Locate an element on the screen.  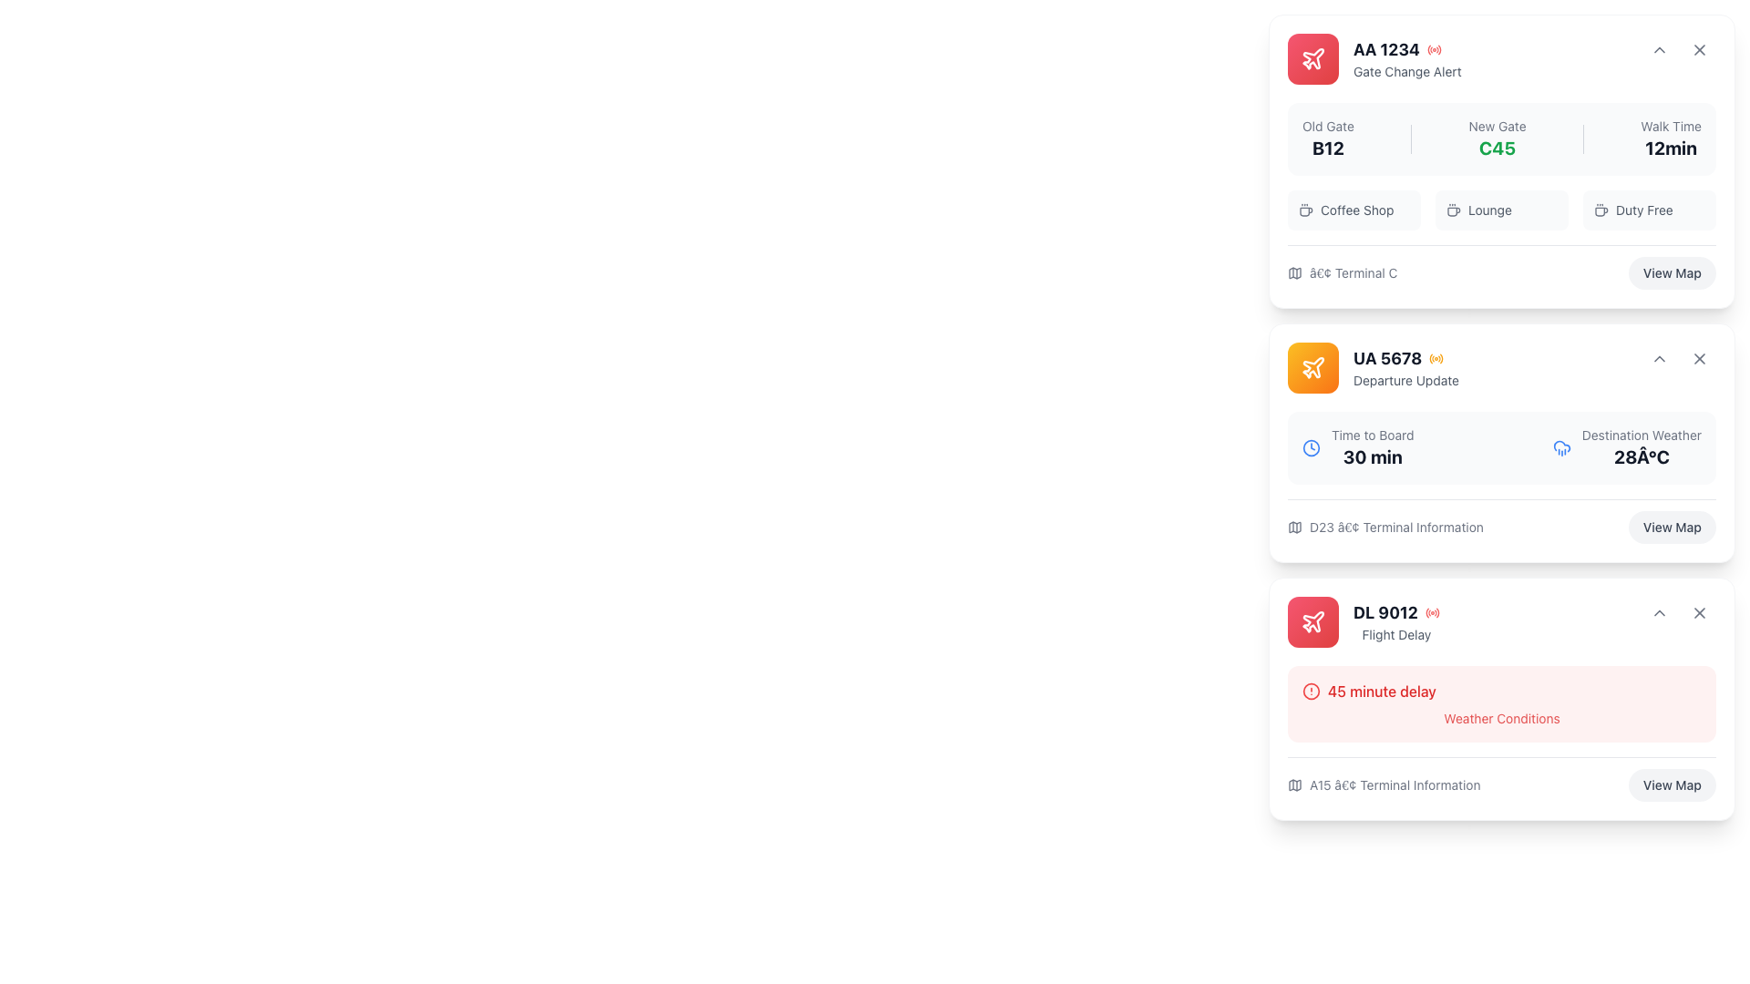
text label displaying 'D23 • Terminal Information' located at the bottom of the departure flight card, which is styled in gray and aligned horizontally next to a map icon is located at coordinates (1395, 527).